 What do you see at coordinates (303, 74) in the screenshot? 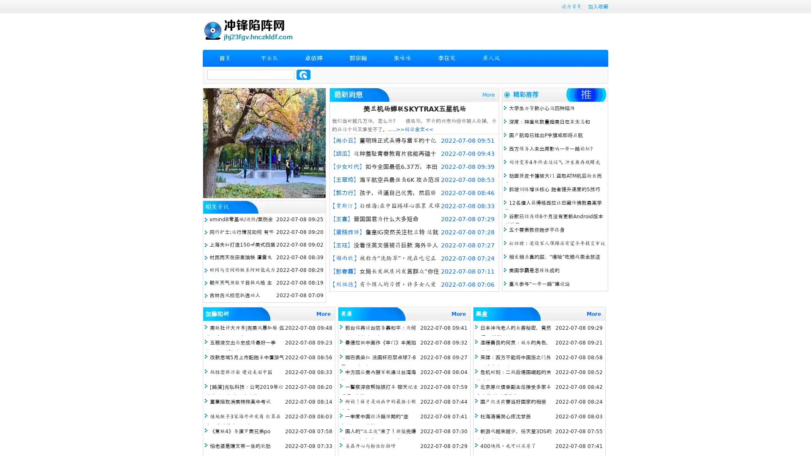
I see `Search` at bounding box center [303, 74].